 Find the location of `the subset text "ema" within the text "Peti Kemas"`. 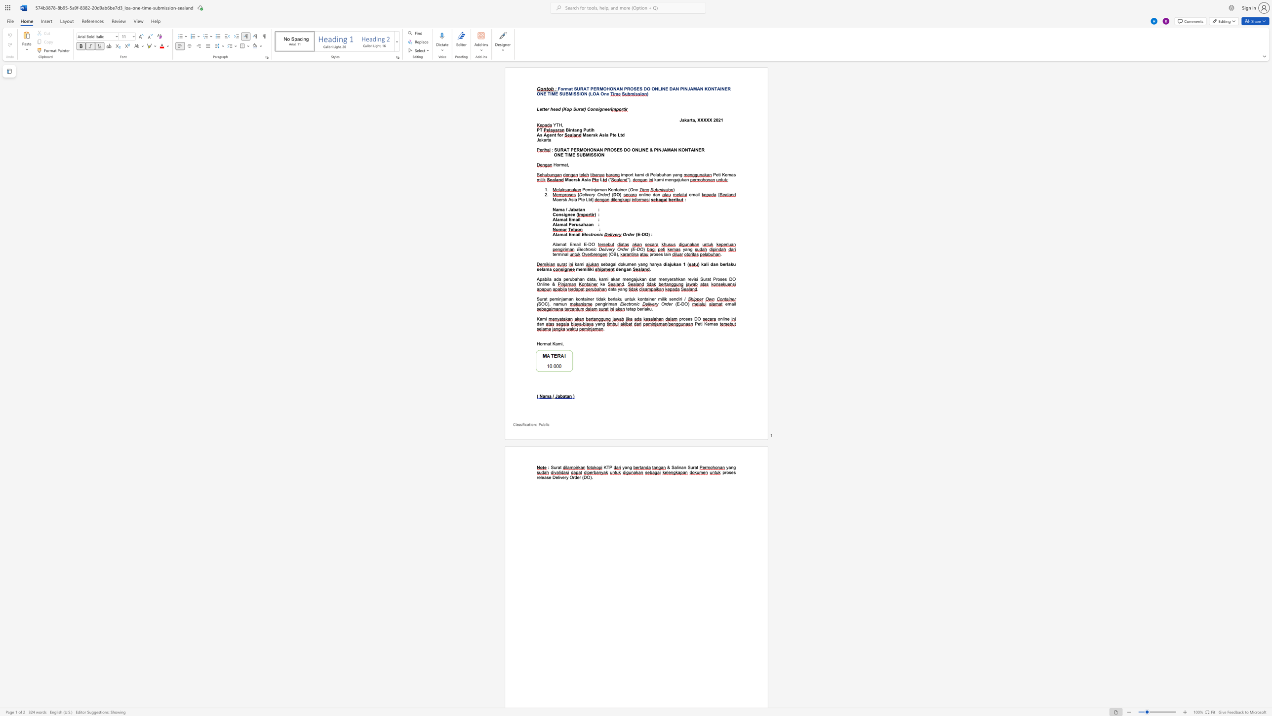

the subset text "ema" within the text "Peti Kemas" is located at coordinates (707, 324).